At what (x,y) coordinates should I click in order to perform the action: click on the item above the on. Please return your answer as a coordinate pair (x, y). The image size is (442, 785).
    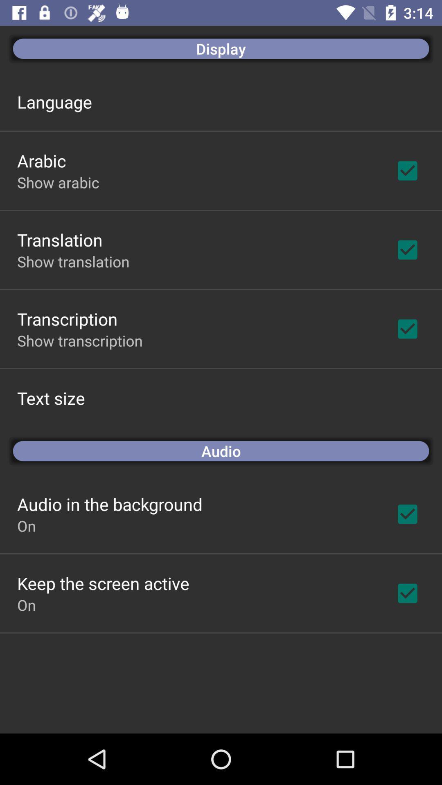
    Looking at the image, I should click on (109, 504).